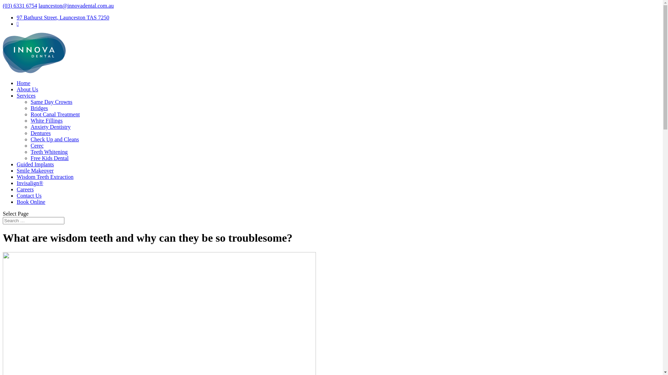 The image size is (668, 375). Describe the element at coordinates (27, 89) in the screenshot. I see `'About Us'` at that location.